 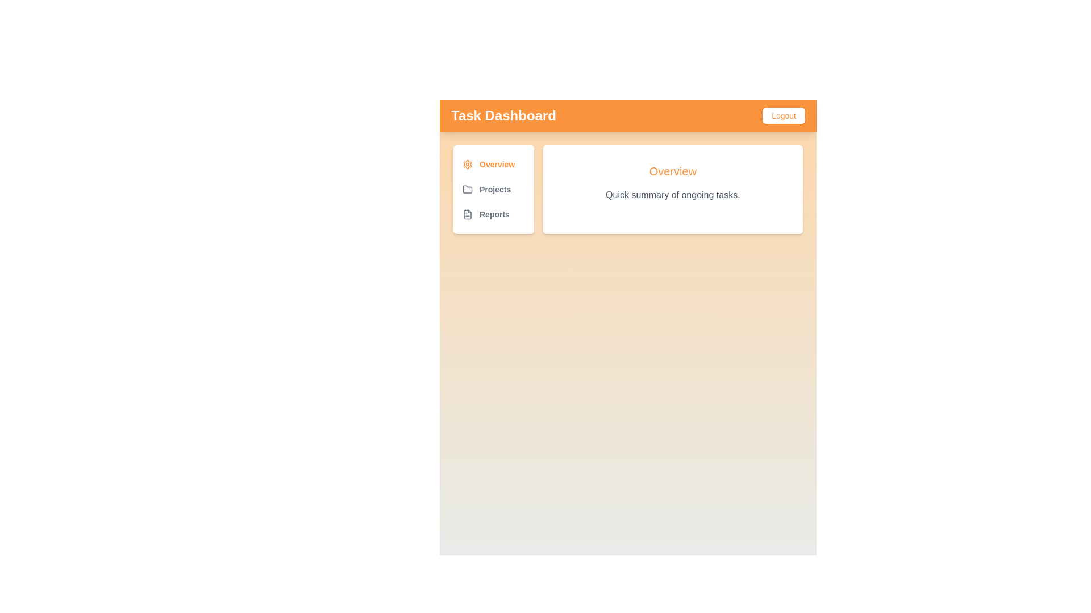 What do you see at coordinates (493, 215) in the screenshot?
I see `the 'Reports' navigation label located in the left vertical navigation bar, specifically the third item in the menu` at bounding box center [493, 215].